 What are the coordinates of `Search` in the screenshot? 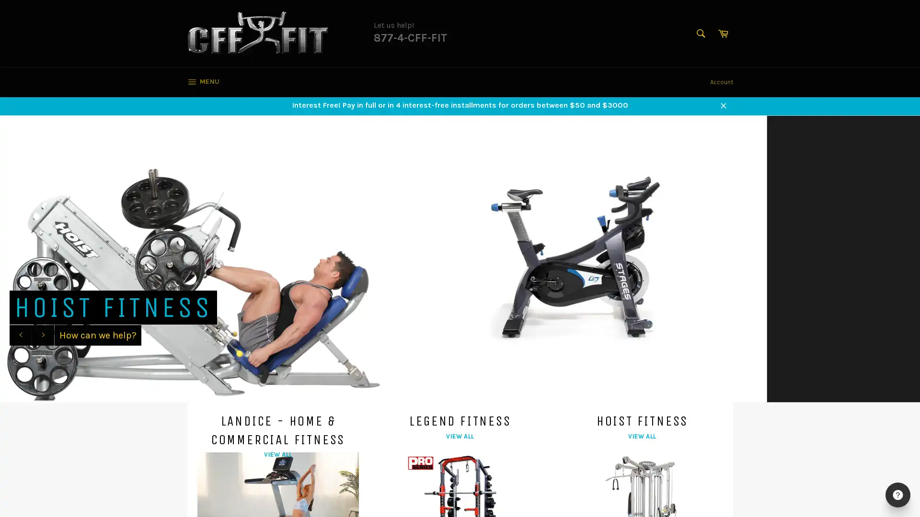 It's located at (701, 33).